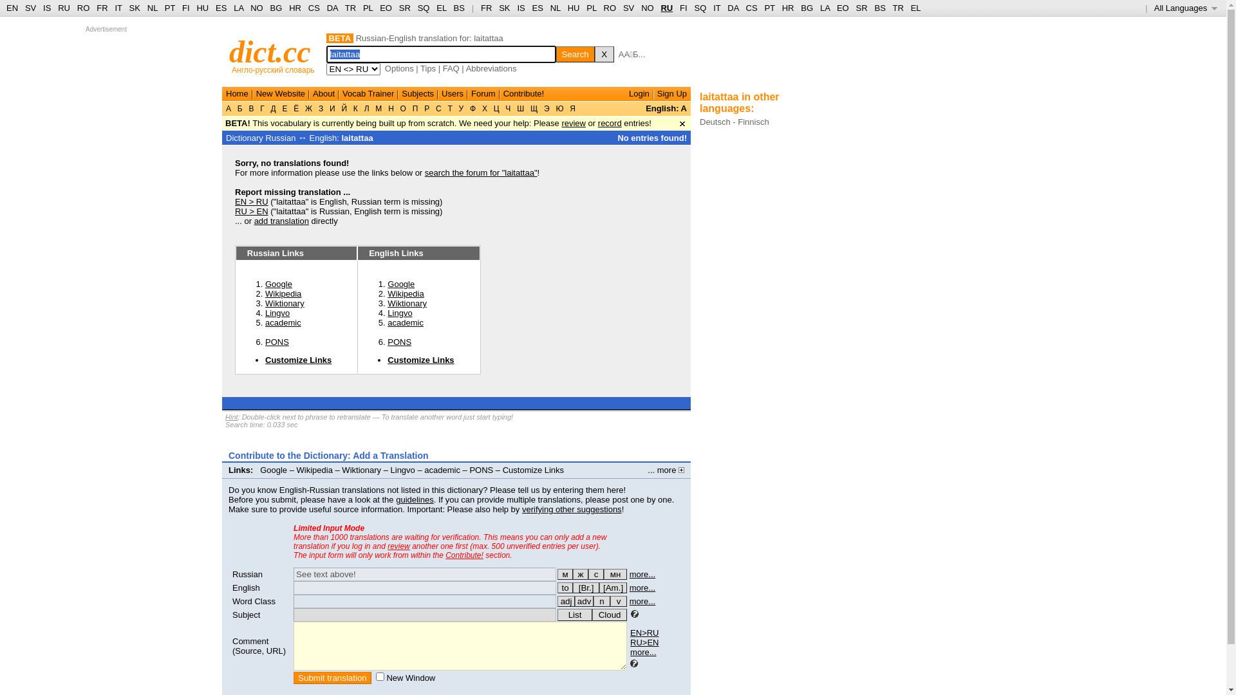 The image size is (1236, 695). Describe the element at coordinates (265, 313) in the screenshot. I see `'Lingvo'` at that location.